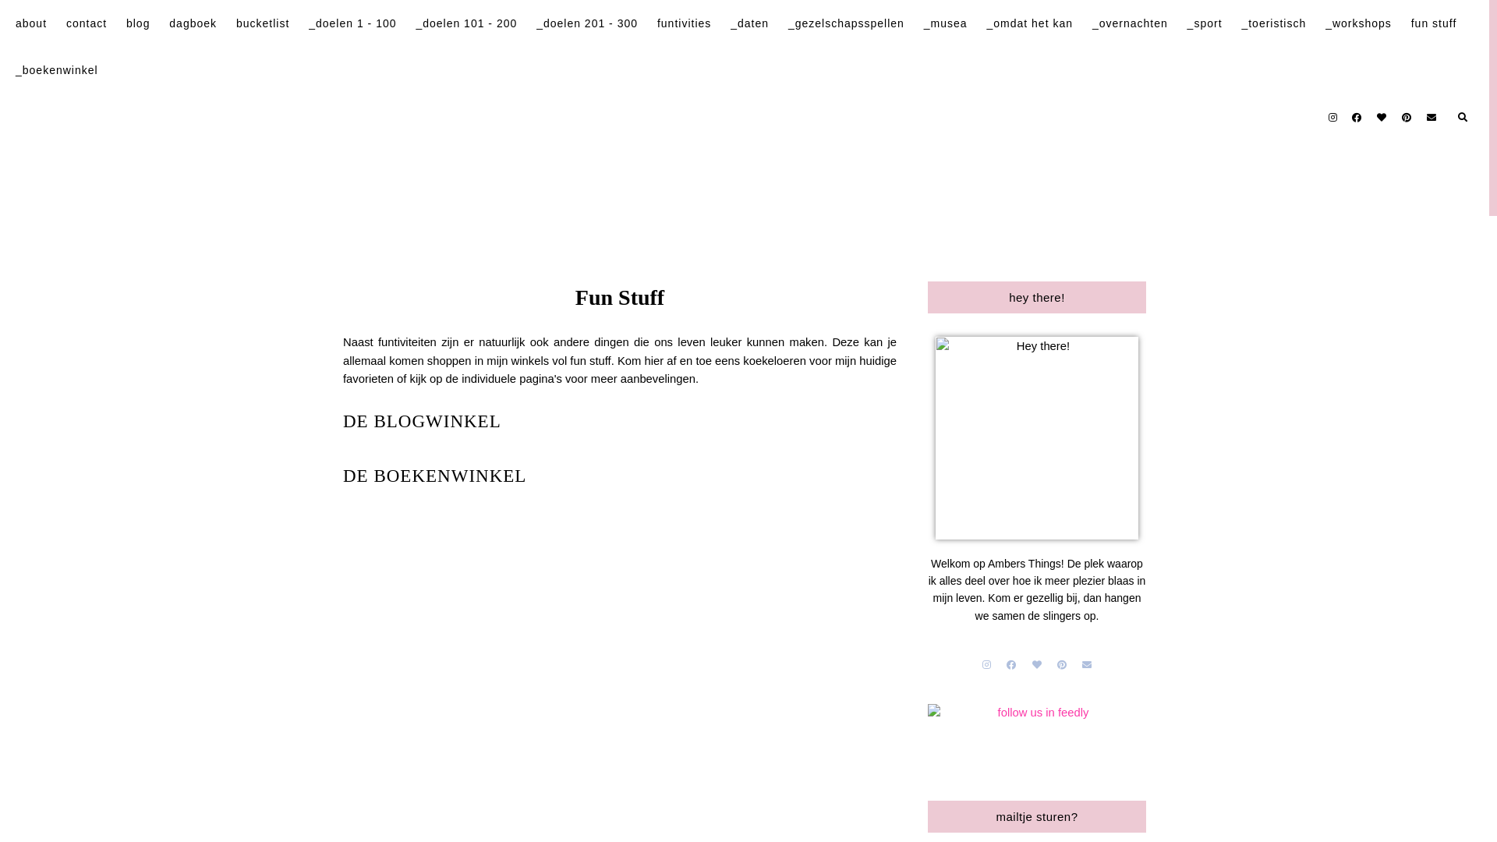 This screenshot has height=842, width=1497. Describe the element at coordinates (168, 23) in the screenshot. I see `'dagboek'` at that location.